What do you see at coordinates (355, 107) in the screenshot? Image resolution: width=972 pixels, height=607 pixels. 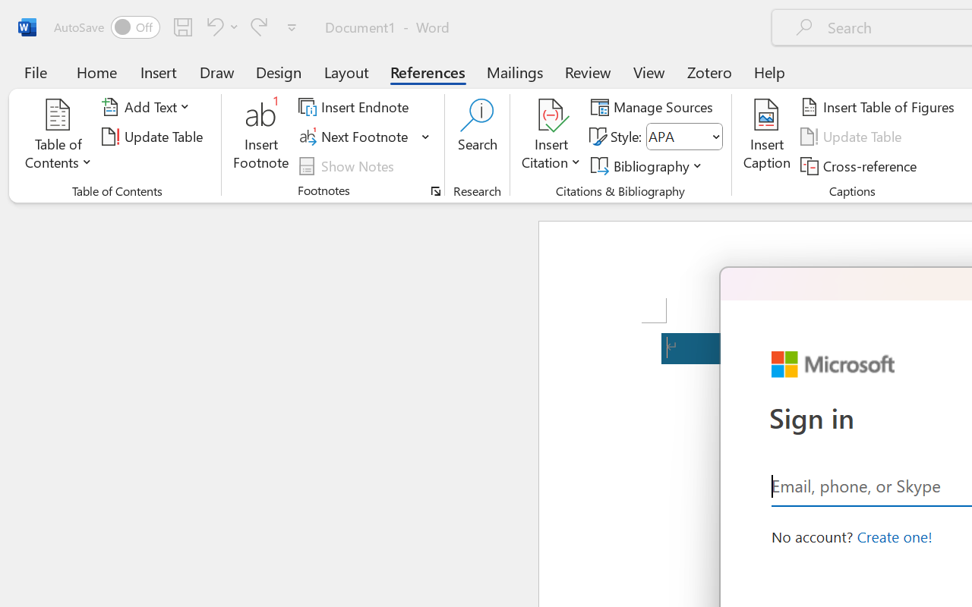 I see `'Insert Endnote'` at bounding box center [355, 107].